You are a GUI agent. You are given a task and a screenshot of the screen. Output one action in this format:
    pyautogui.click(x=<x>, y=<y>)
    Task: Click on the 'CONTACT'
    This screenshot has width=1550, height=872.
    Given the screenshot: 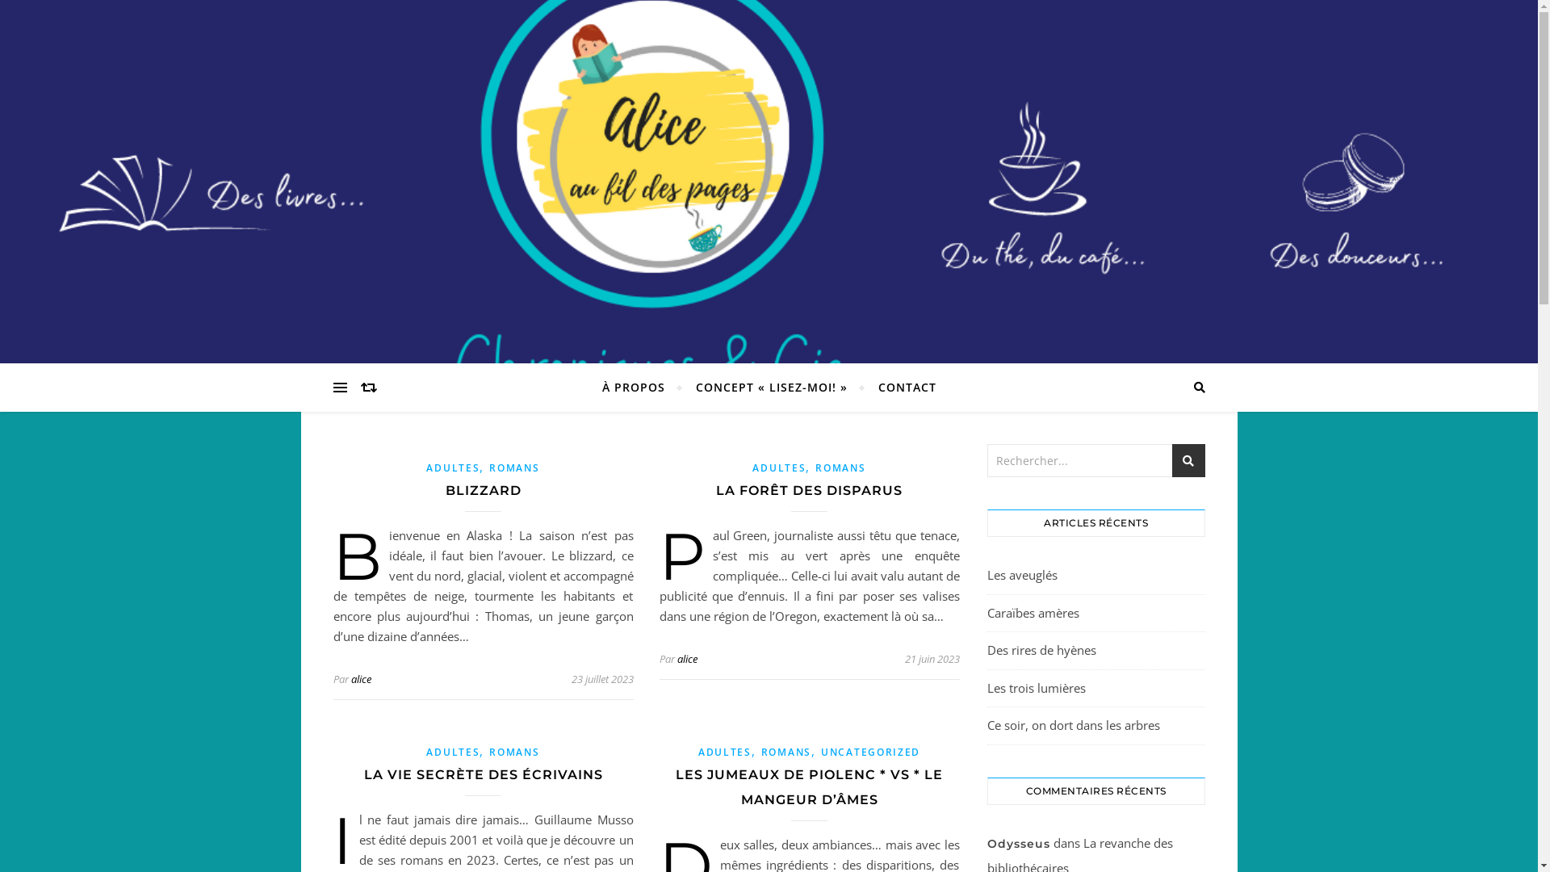 What is the action you would take?
    pyautogui.click(x=899, y=387)
    